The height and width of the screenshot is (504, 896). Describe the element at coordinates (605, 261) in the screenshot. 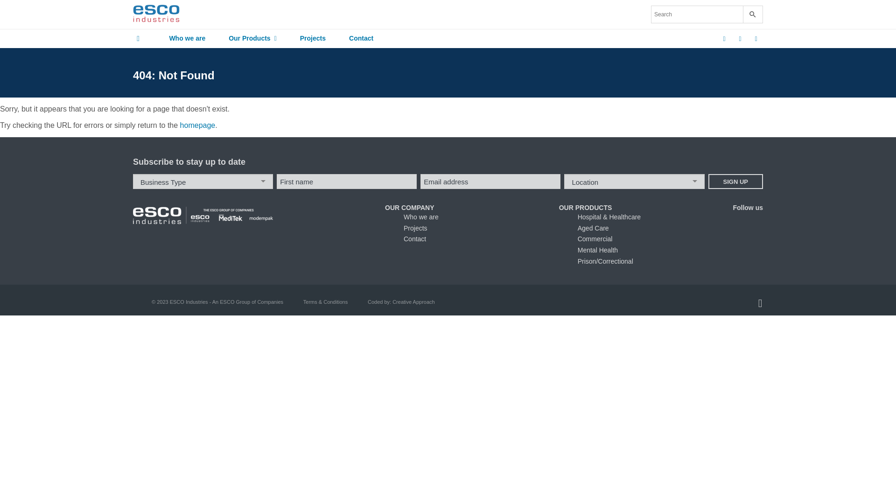

I see `'Prison/Correctional'` at that location.